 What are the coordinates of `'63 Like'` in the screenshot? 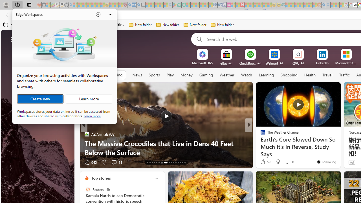 It's located at (263, 162).